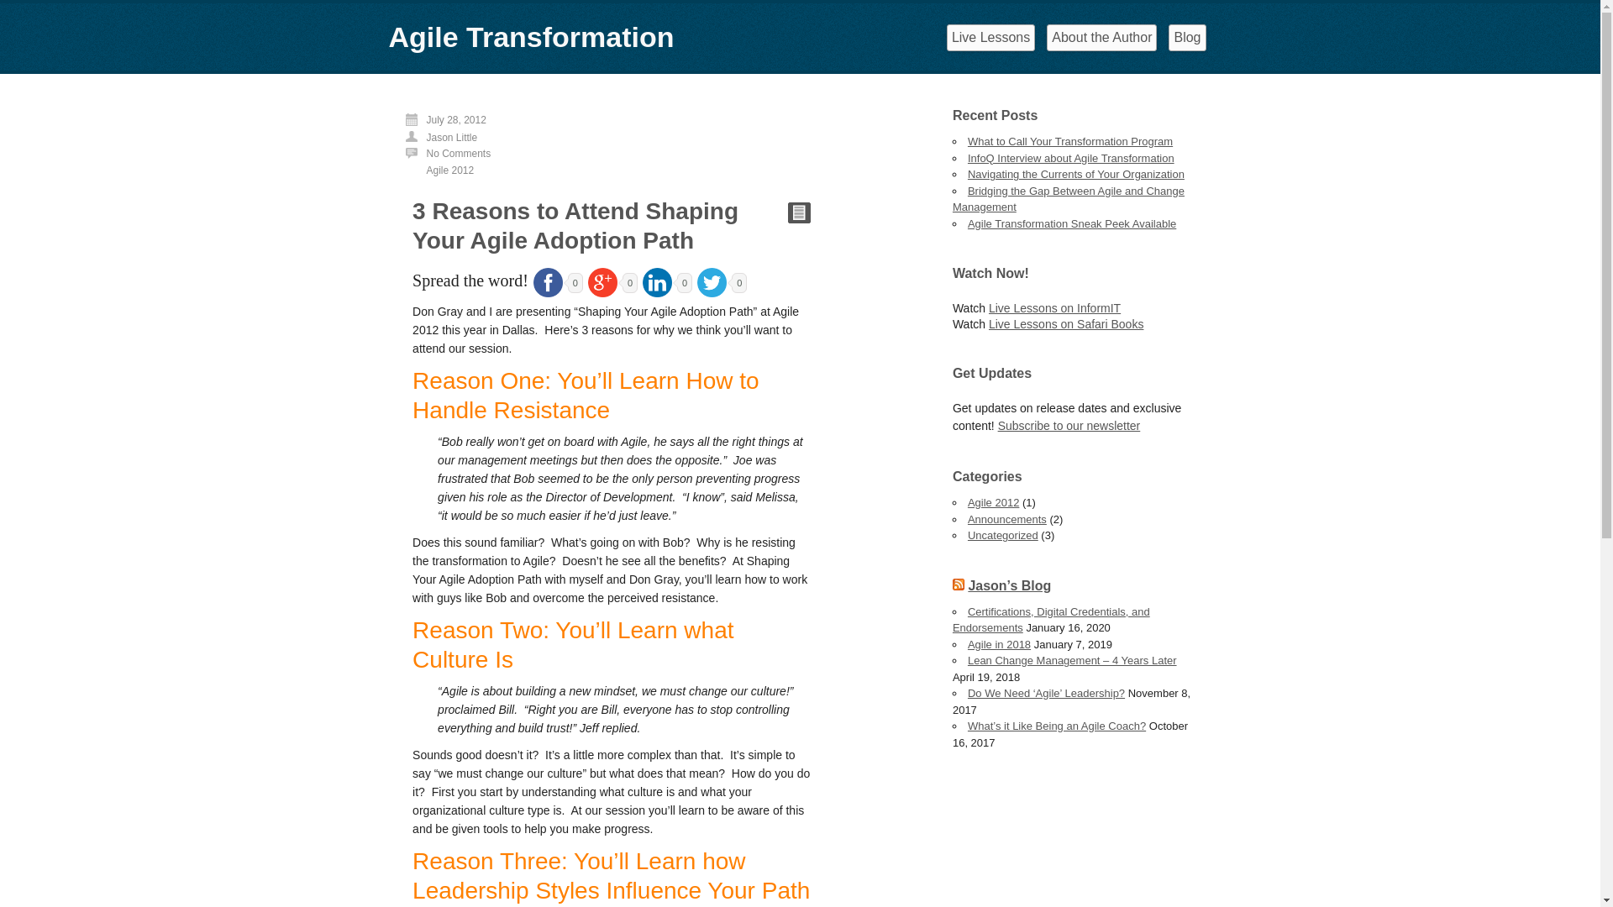  I want to click on 'Linkedin', so click(656, 281).